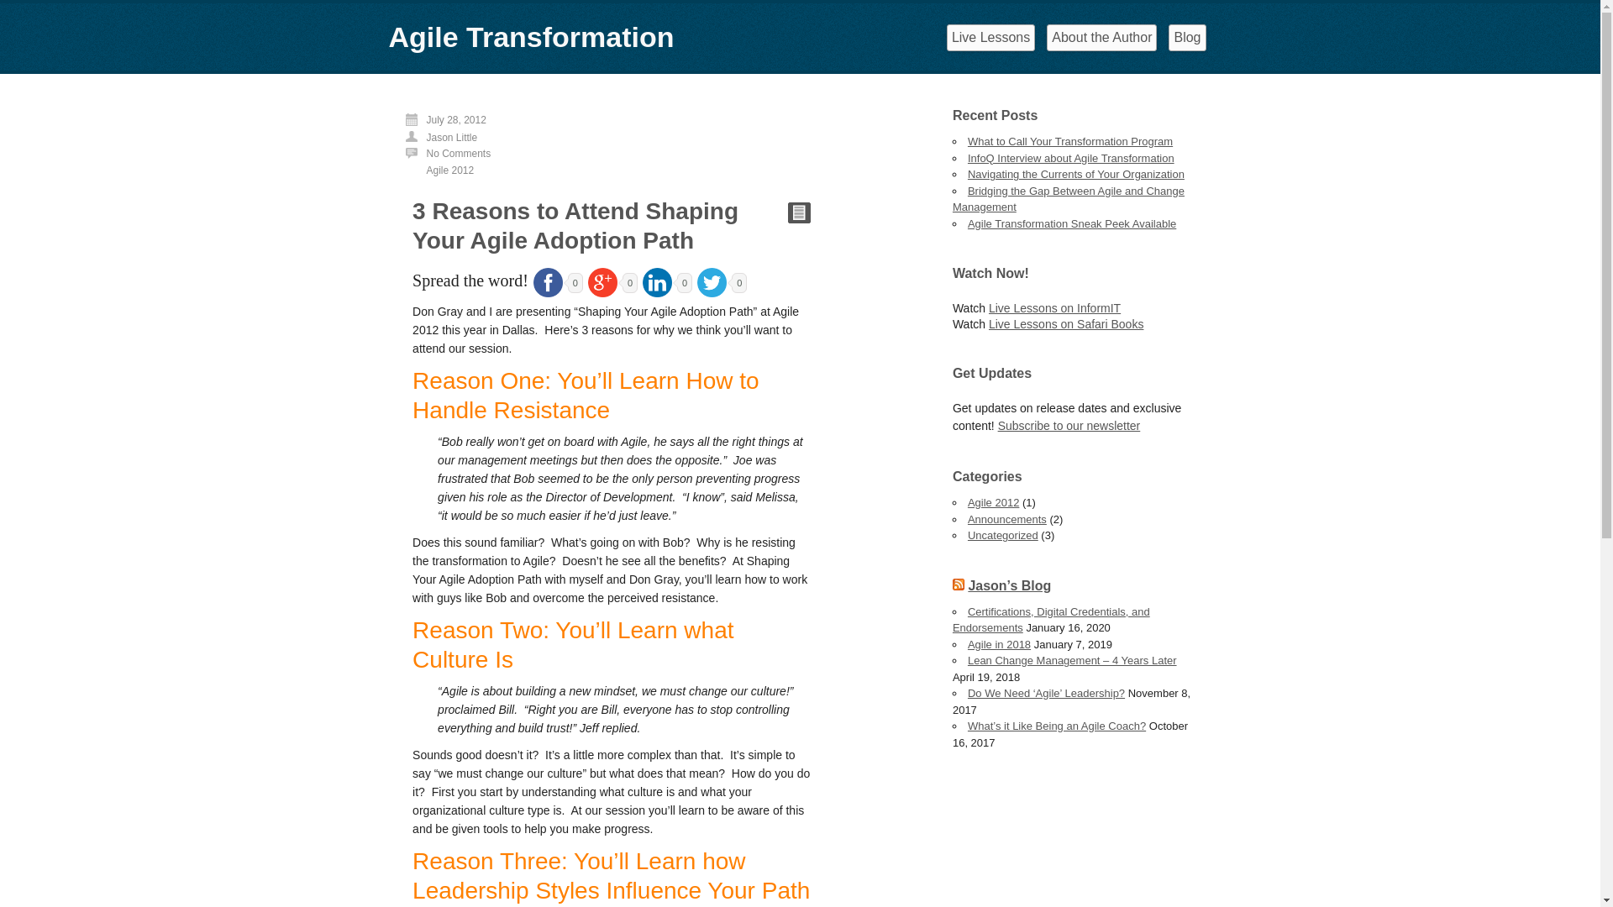  I want to click on 'Linkedin', so click(656, 281).